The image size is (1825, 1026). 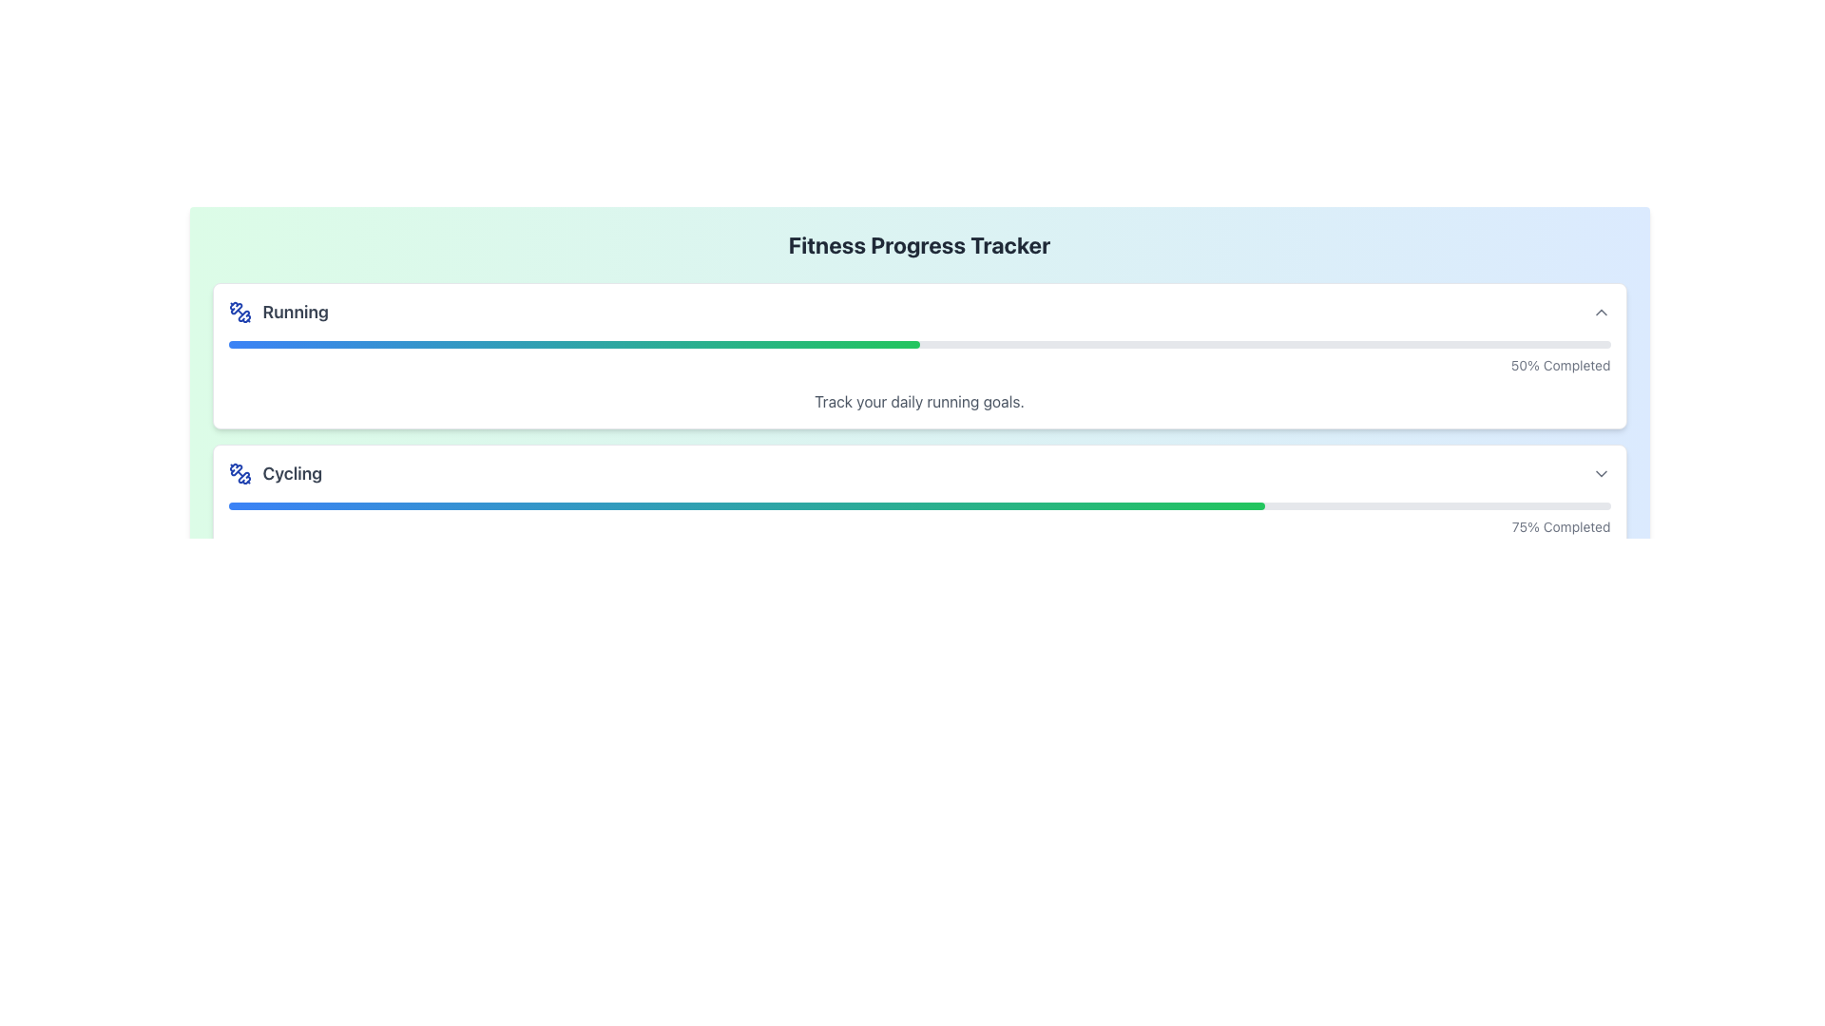 I want to click on the second progress bar located beneath the 'Running' label and above the '75% Completed' text, which is styled with a gray background and has a filled section transitioning from blue to green, so click(x=919, y=504).